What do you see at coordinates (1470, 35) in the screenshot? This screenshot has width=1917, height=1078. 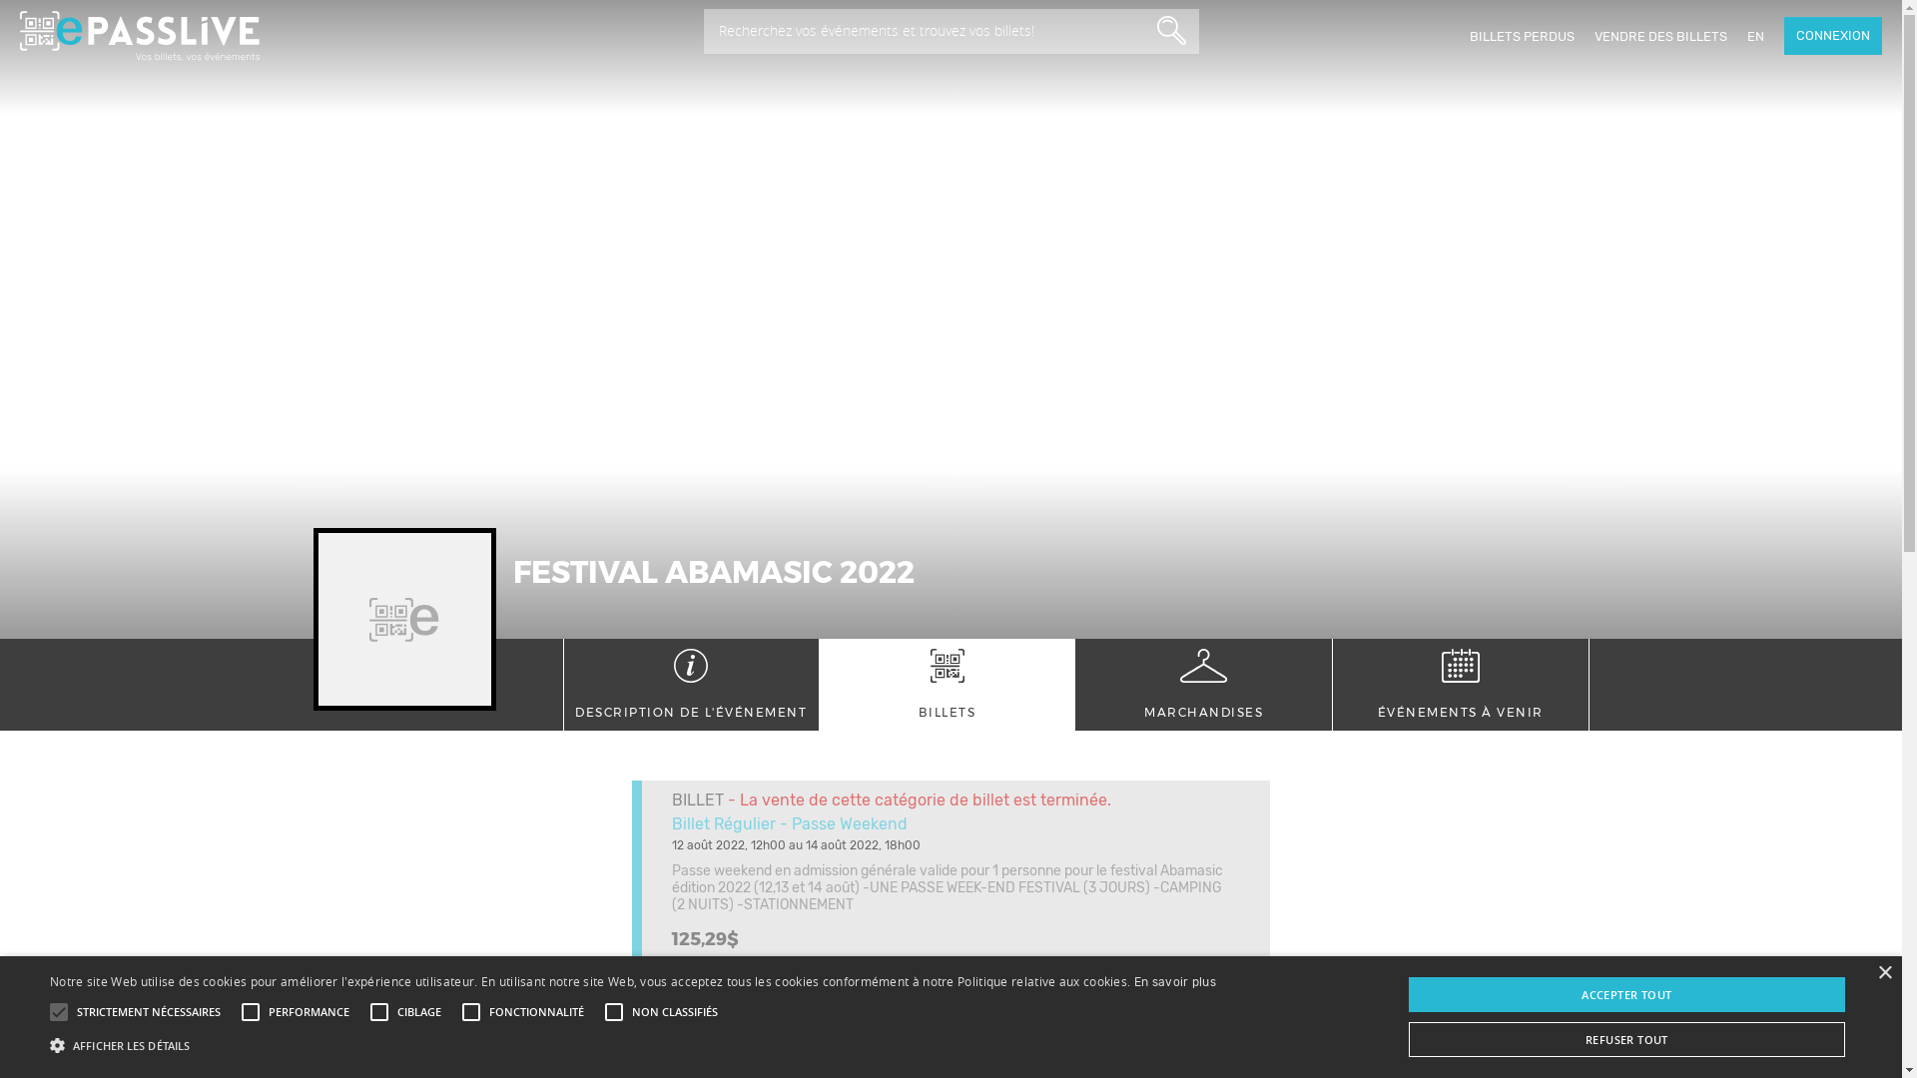 I see `'BILLETS PERDUS'` at bounding box center [1470, 35].